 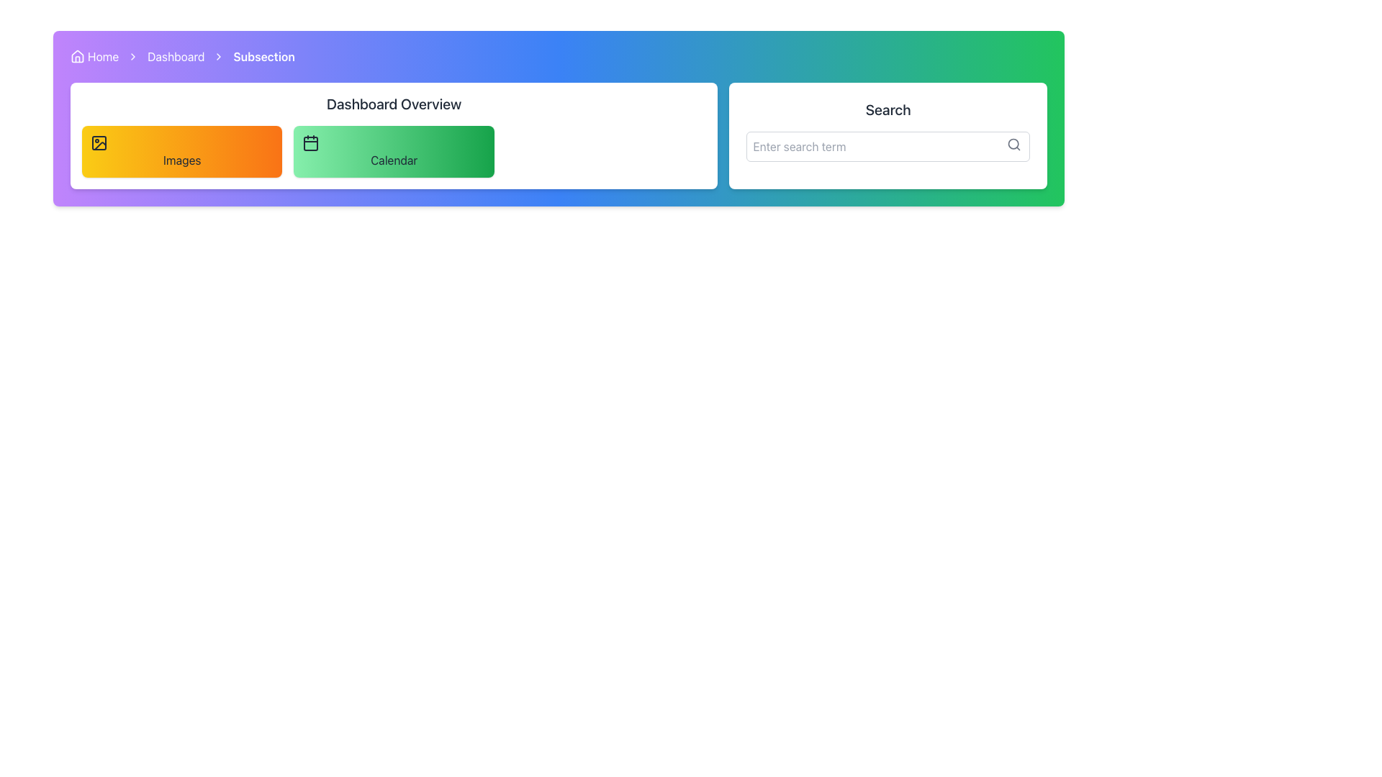 I want to click on the search icon button located at the far-right end of the 'Enter search term' input field in the 'Search' panel to trigger tooltip or animation effects, so click(x=1013, y=144).